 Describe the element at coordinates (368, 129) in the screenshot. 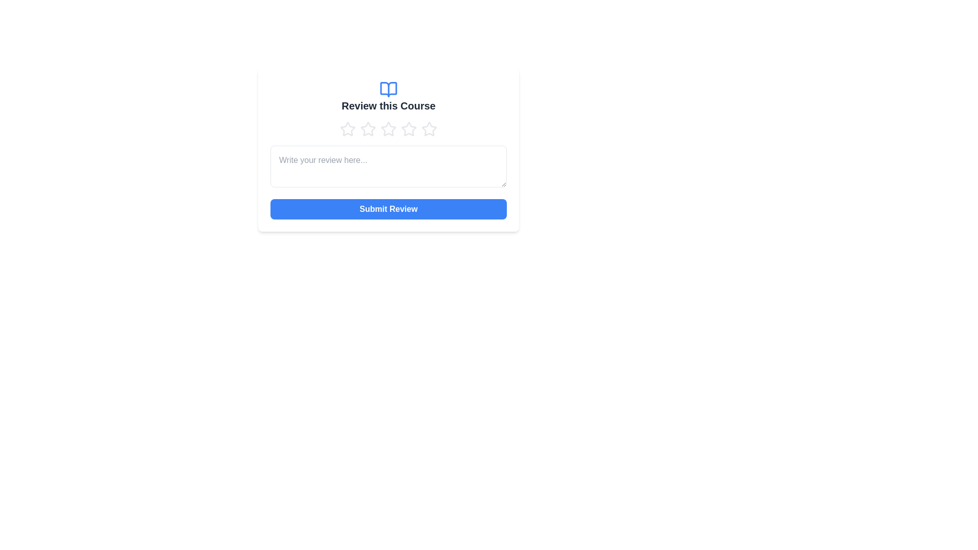

I see `the third star from the left in the rating system below the 'Review this Course' title` at that location.